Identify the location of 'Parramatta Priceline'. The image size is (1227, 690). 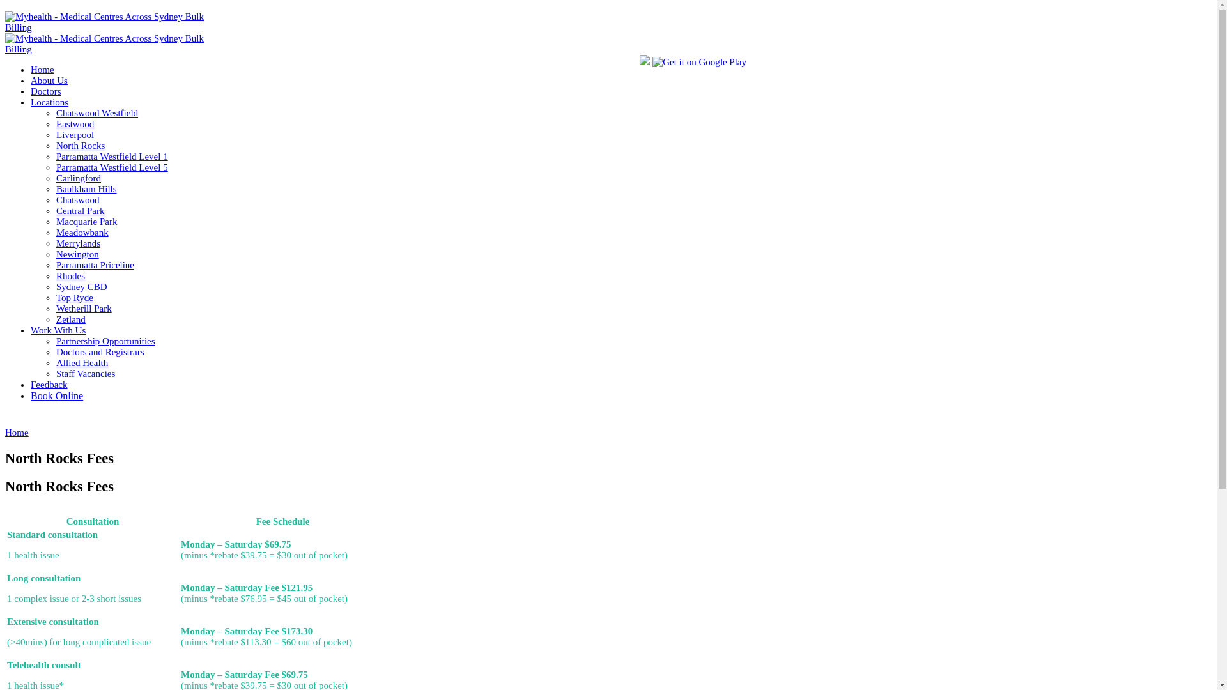
(55, 264).